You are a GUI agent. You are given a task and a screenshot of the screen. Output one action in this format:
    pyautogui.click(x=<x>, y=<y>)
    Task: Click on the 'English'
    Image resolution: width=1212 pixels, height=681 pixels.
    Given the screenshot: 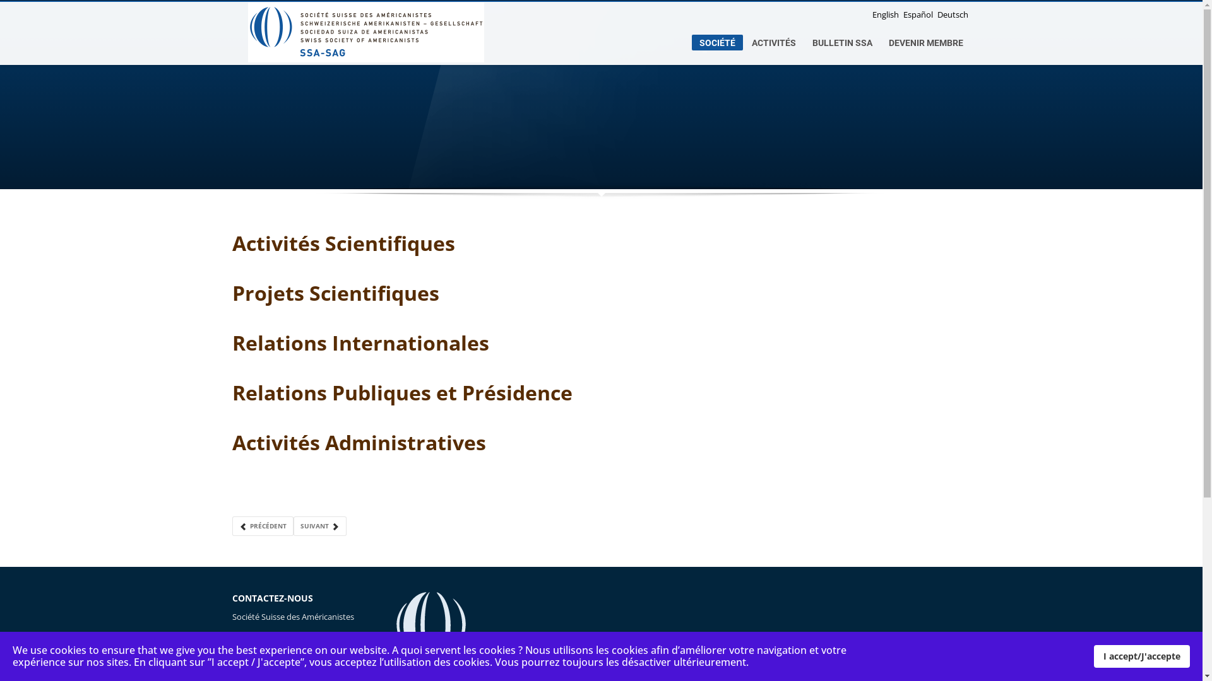 What is the action you would take?
    pyautogui.click(x=886, y=15)
    